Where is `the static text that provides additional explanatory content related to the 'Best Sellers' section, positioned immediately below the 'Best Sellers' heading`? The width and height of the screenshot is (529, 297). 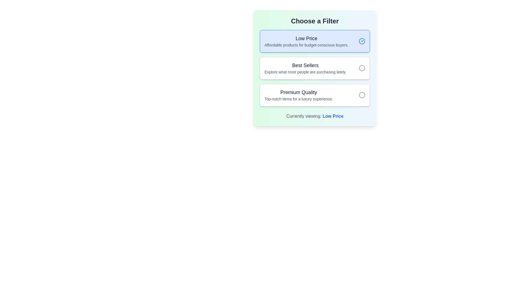
the static text that provides additional explanatory content related to the 'Best Sellers' section, positioned immediately below the 'Best Sellers' heading is located at coordinates (305, 72).